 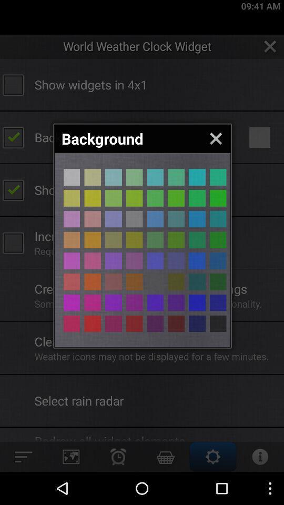 What do you see at coordinates (217, 260) in the screenshot?
I see `color selection` at bounding box center [217, 260].